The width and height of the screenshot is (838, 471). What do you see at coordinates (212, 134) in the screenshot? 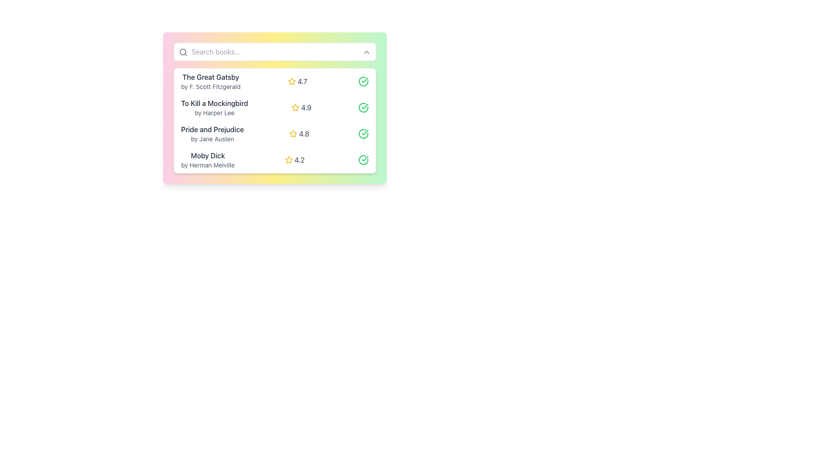
I see `on the text block displaying information about the book, specifically positioned as the third item in the list between 'To Kill a Mockingbird' and 'Moby Dick'` at bounding box center [212, 134].